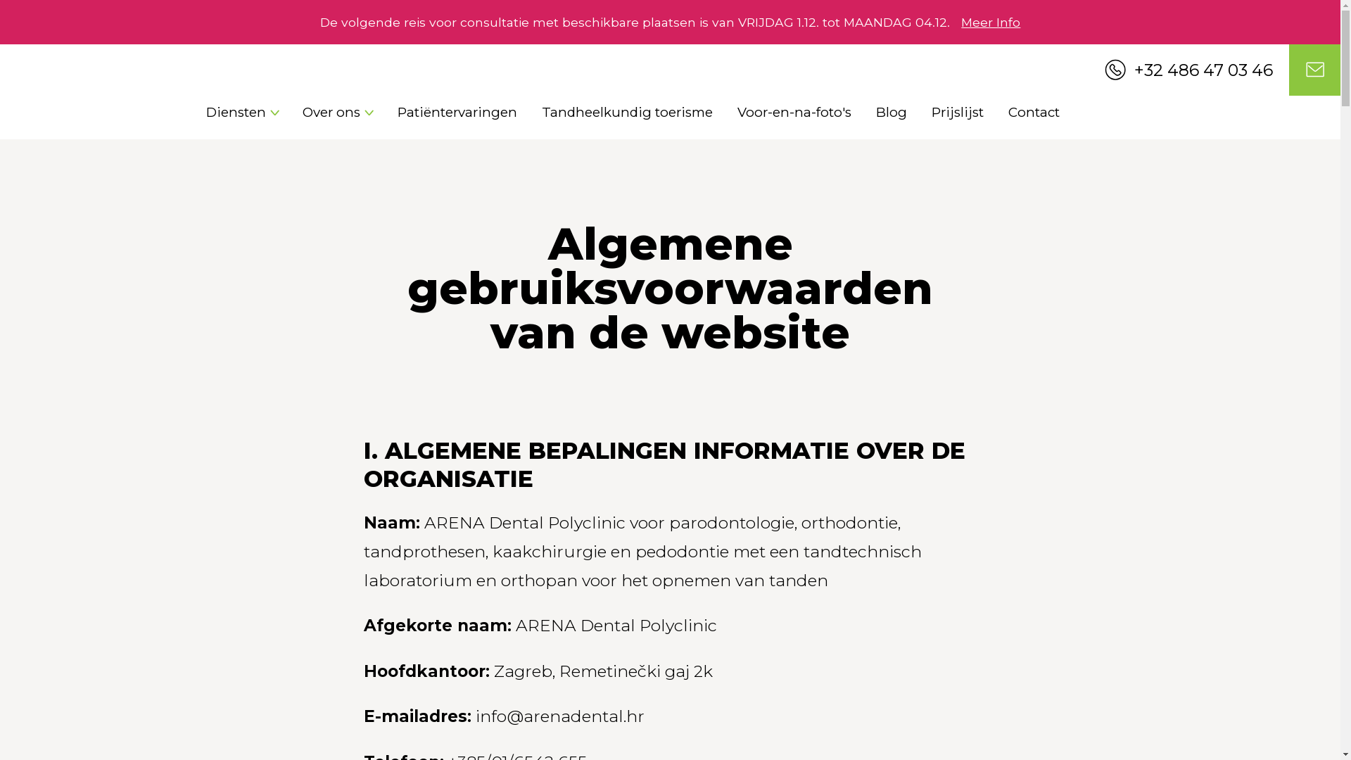 This screenshot has width=1351, height=760. What do you see at coordinates (1103, 70) in the screenshot?
I see `'+32 486 47 03 46'` at bounding box center [1103, 70].